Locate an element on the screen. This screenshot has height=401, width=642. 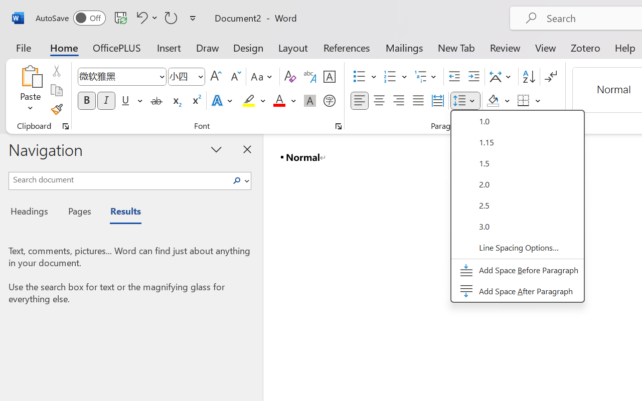
'Review' is located at coordinates (505, 47).